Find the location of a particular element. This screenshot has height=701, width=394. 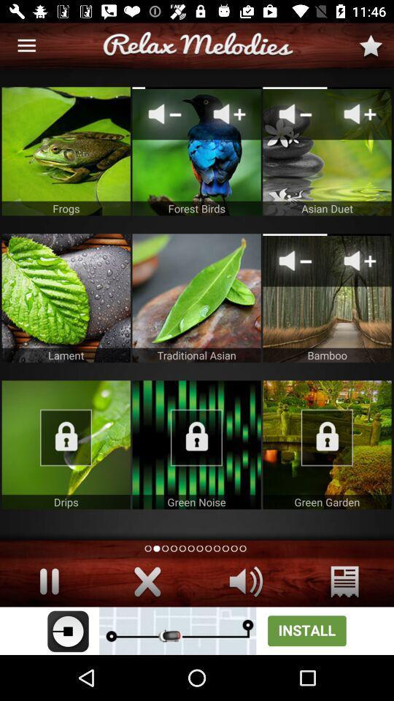

the skip_next icon is located at coordinates (147, 581).